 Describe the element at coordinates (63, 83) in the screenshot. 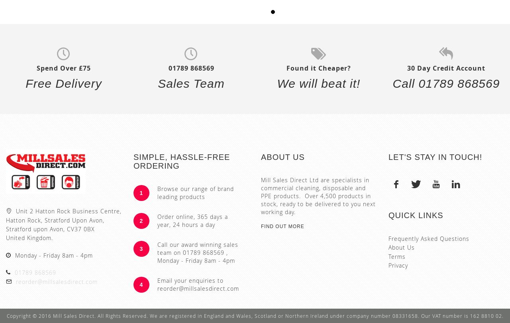

I see `'Free Delivery'` at that location.